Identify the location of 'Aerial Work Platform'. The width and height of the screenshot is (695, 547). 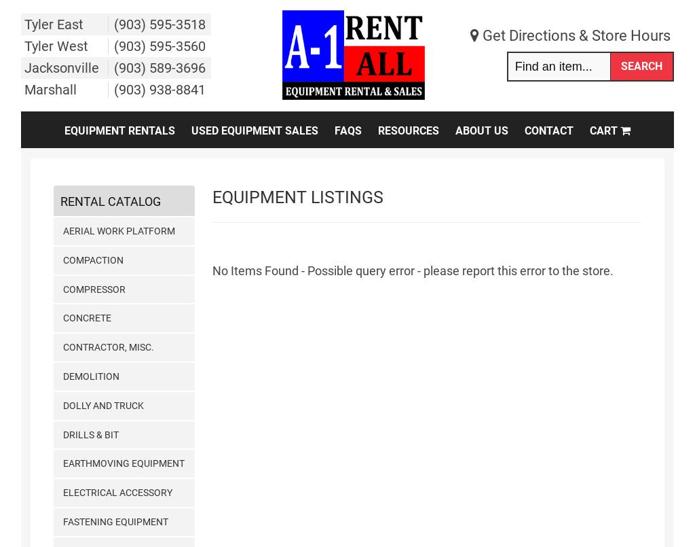
(118, 230).